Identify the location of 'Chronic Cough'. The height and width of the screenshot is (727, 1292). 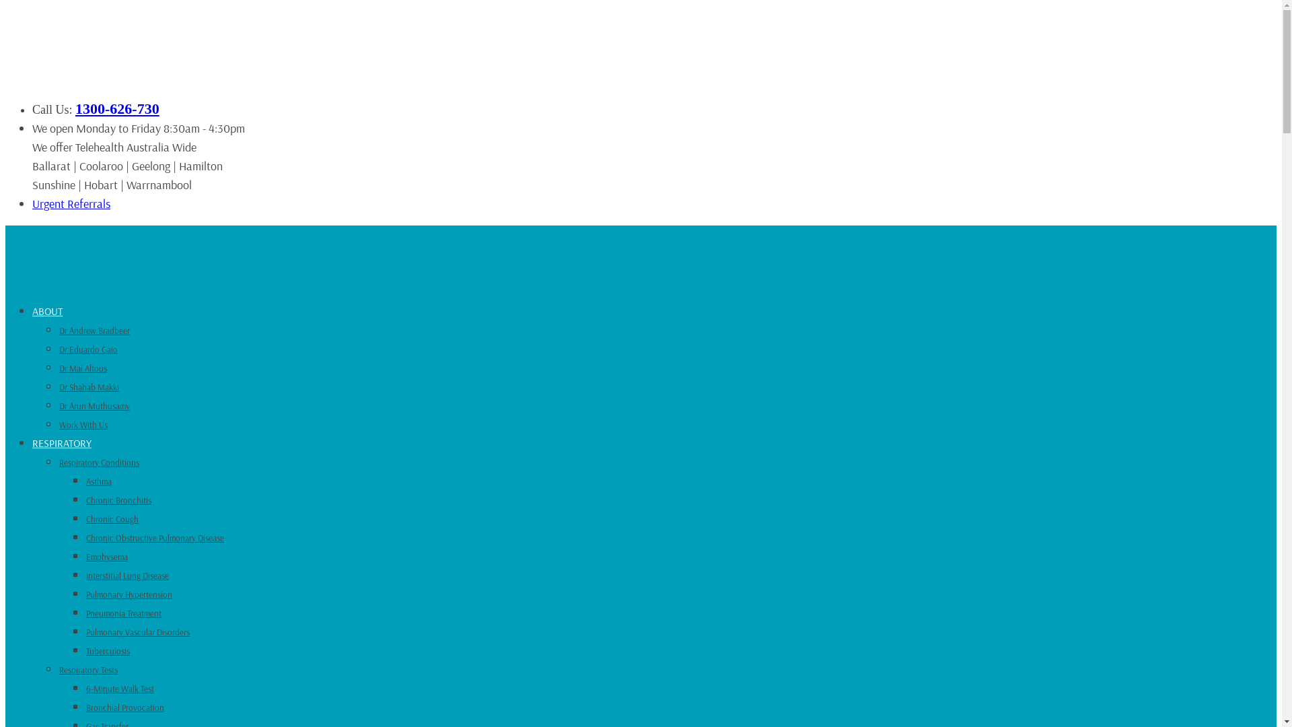
(112, 518).